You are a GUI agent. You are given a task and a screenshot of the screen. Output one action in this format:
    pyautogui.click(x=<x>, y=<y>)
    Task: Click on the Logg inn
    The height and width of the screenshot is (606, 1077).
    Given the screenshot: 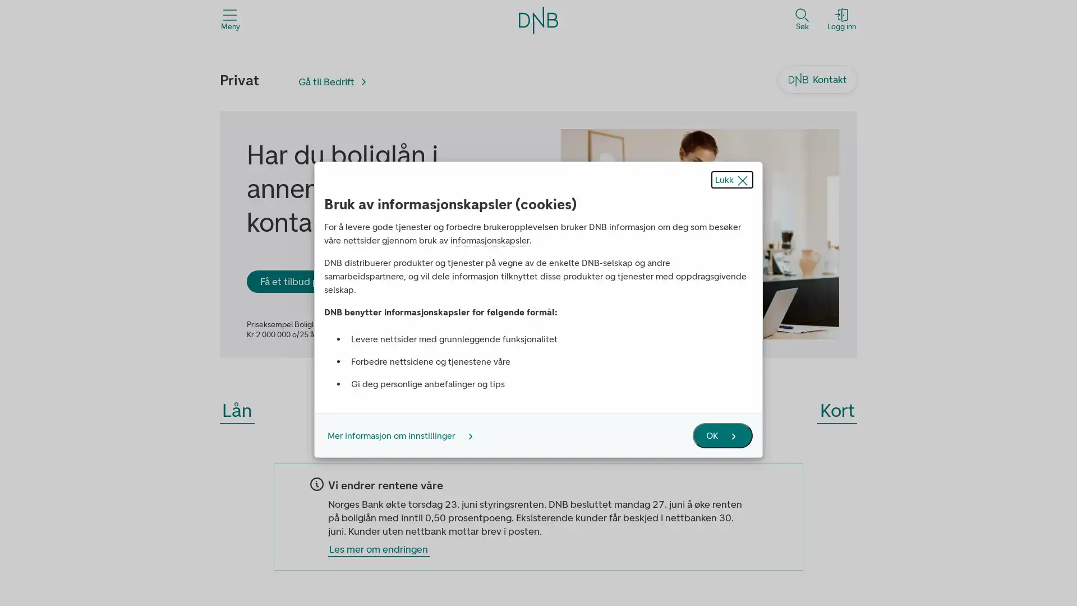 What is the action you would take?
    pyautogui.click(x=841, y=19)
    